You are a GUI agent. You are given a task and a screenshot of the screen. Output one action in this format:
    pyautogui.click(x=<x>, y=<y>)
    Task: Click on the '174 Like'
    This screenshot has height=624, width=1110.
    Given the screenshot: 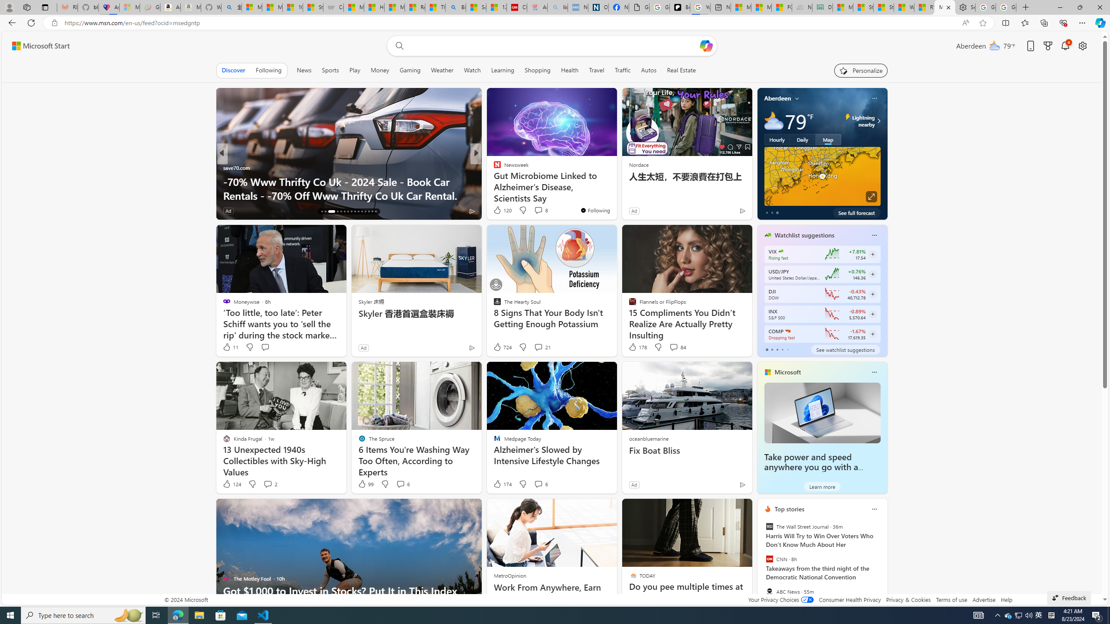 What is the action you would take?
    pyautogui.click(x=502, y=483)
    